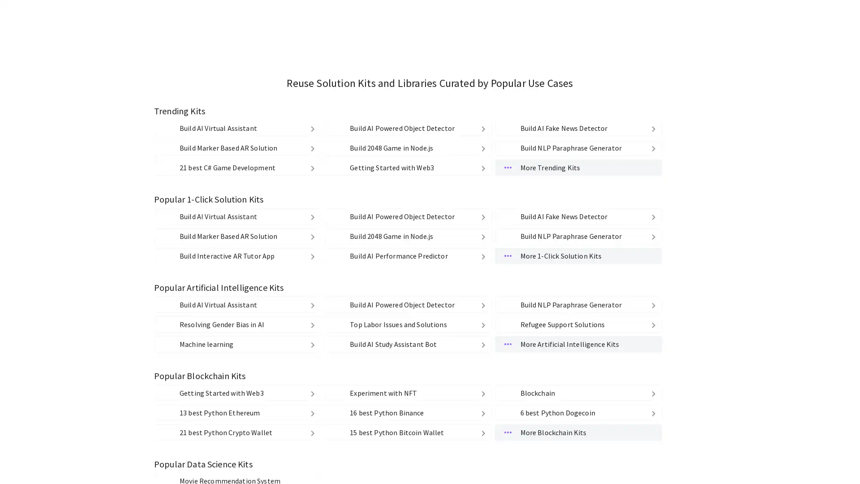 The height and width of the screenshot is (484, 860). What do you see at coordinates (475, 393) in the screenshot?
I see `delete` at bounding box center [475, 393].